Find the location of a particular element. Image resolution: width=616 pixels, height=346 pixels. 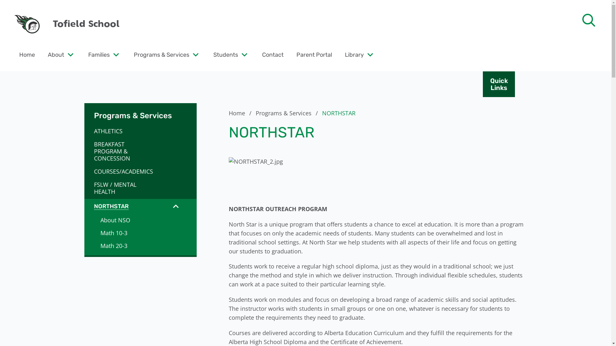

'Search' is located at coordinates (19, 8).